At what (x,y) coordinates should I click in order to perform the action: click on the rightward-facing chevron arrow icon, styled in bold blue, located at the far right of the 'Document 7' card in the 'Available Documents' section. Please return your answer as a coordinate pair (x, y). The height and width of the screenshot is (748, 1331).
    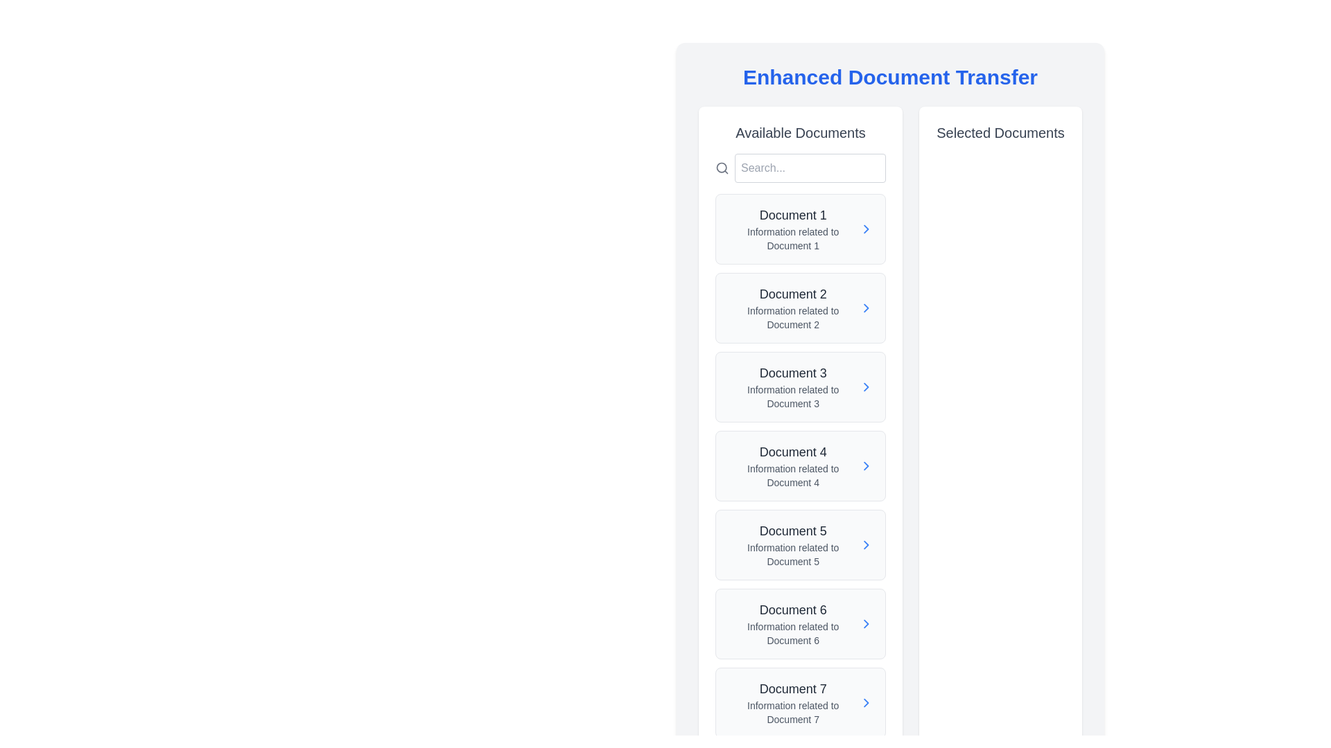
    Looking at the image, I should click on (865, 702).